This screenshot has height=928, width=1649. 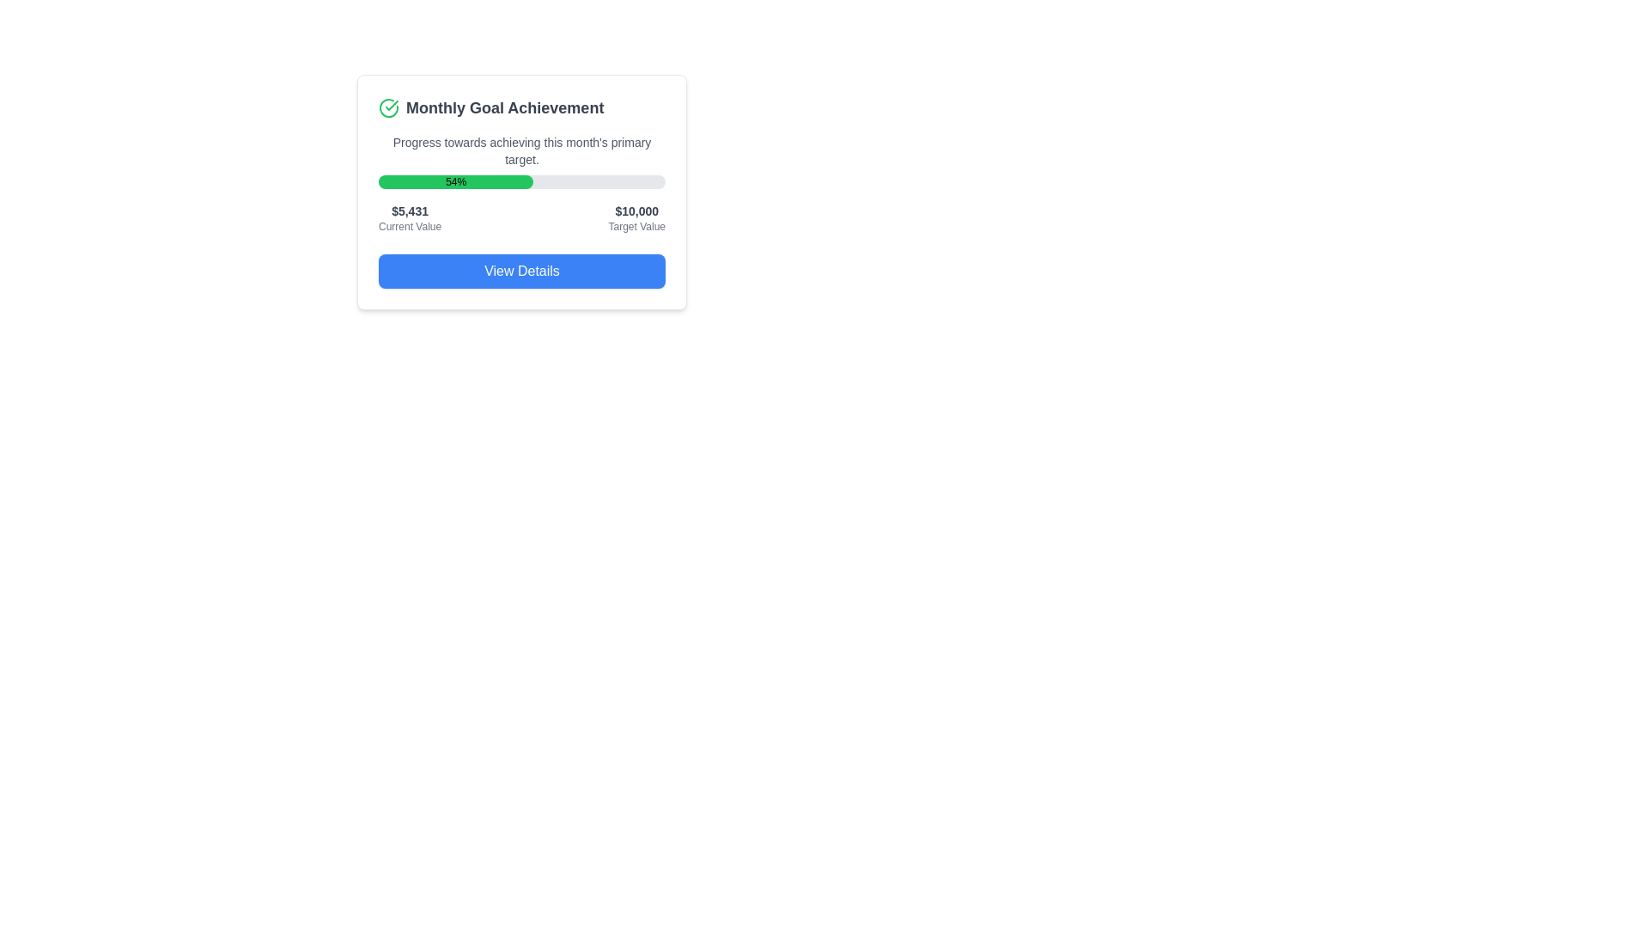 What do you see at coordinates (636, 225) in the screenshot?
I see `the static text label that displays 'Target Value', styled with 'text-gray-500 text-xs', located under the '$10,000' label in the bottom-right corner of the panel` at bounding box center [636, 225].